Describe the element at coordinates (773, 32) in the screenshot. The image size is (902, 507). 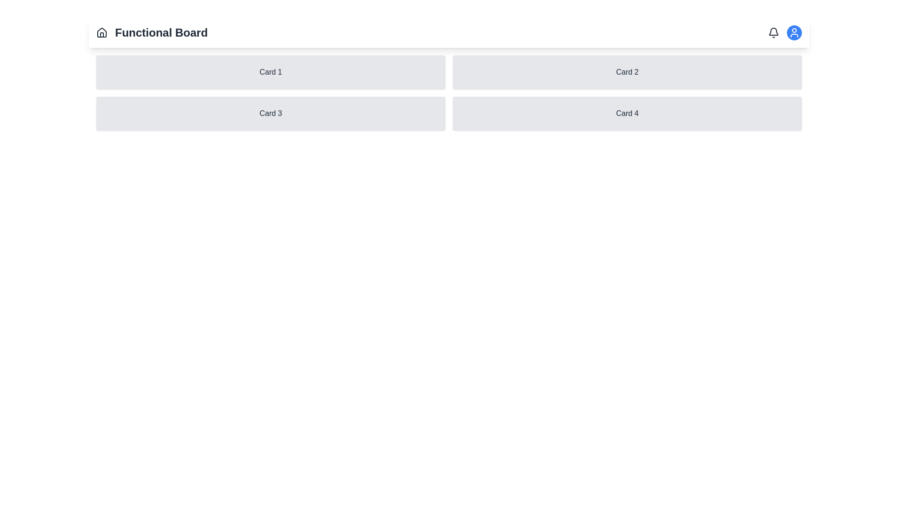
I see `the bell icon in the top-right corner of the interface` at that location.